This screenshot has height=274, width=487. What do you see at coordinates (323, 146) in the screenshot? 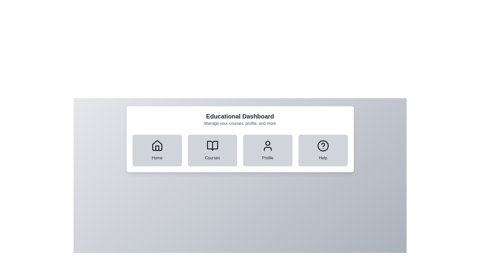
I see `the question mark icon within a circle, which is centrally aligned in the 'Help' panel at the lower right of the card layout` at bounding box center [323, 146].